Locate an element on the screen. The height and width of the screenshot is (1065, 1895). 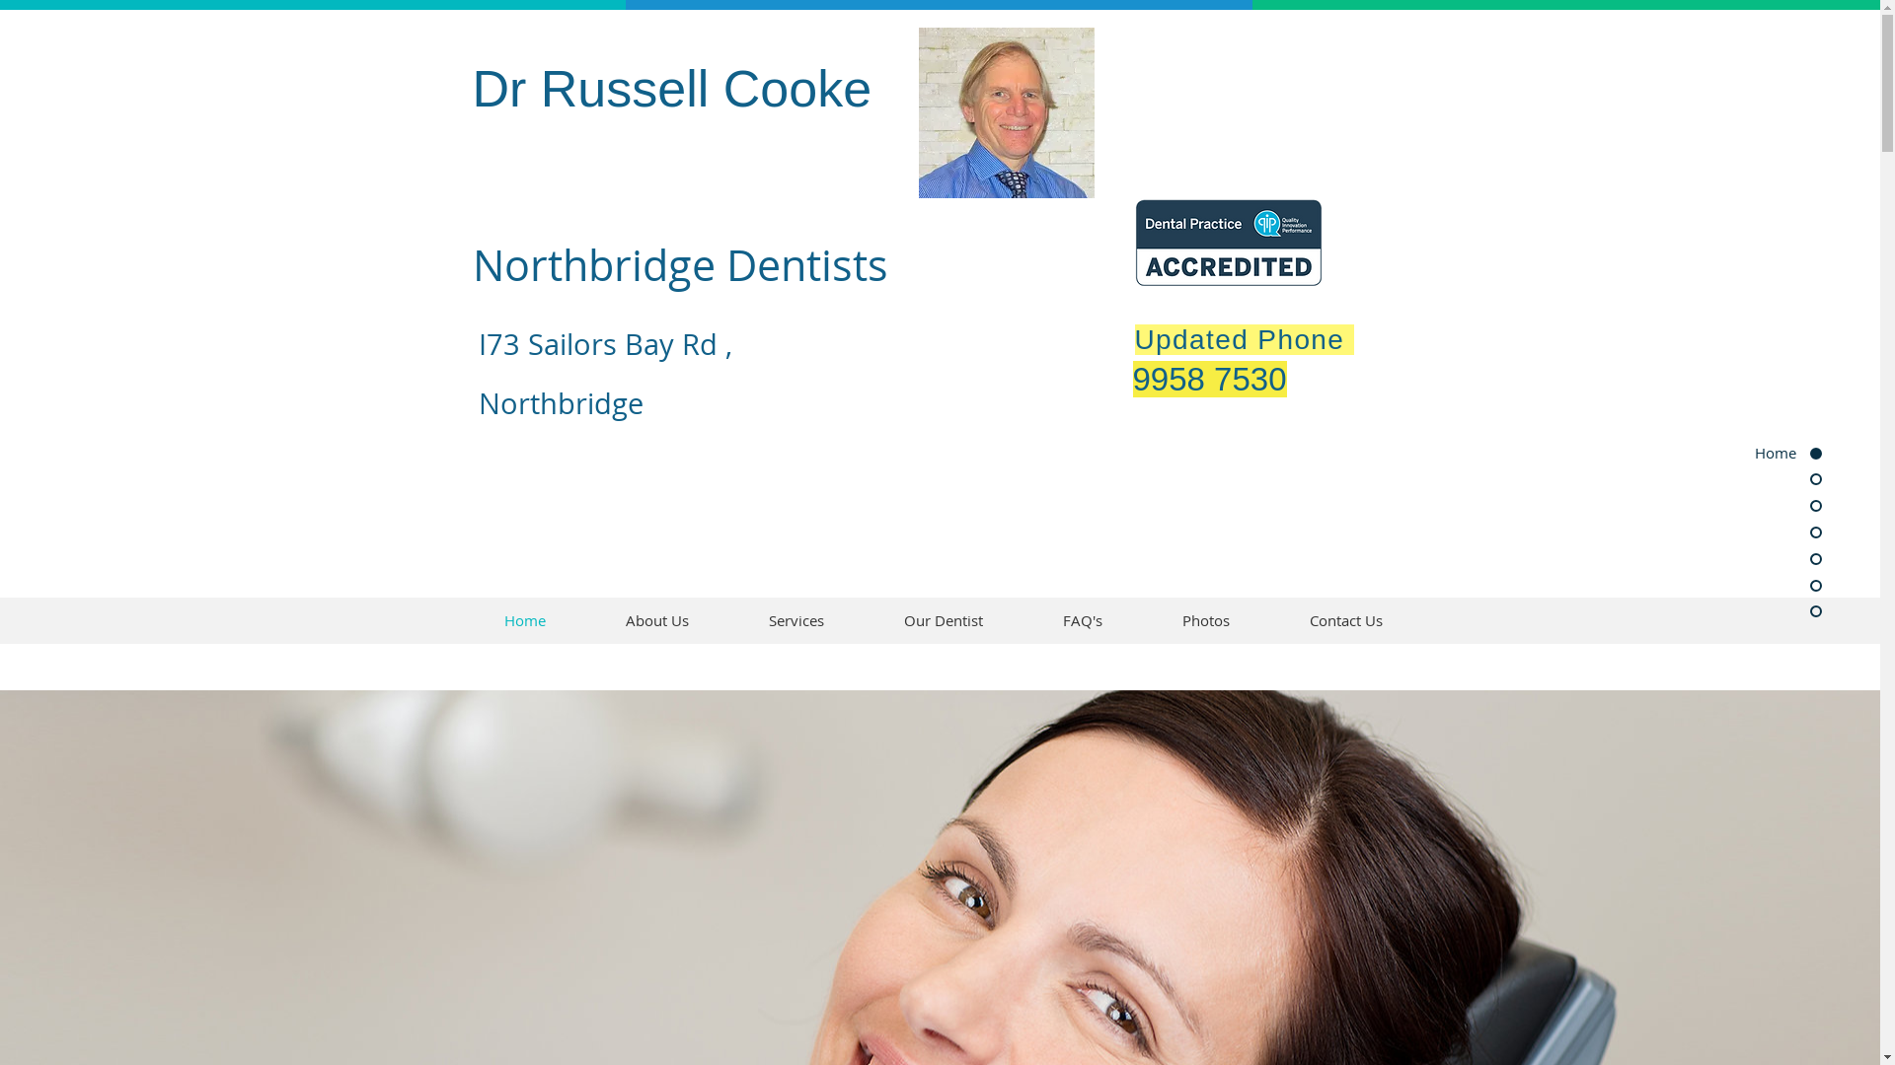
'Our Dentist' is located at coordinates (864, 619).